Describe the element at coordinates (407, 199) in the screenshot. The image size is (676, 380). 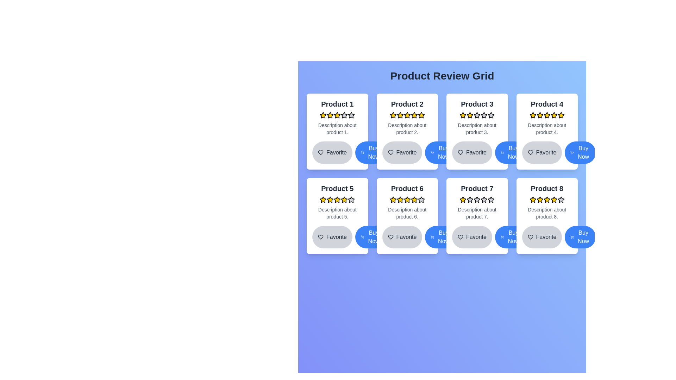
I see `the Rating display component located directly below 'Product 6' and above 'Description about product 6', which visually represents the rating score with filled stars` at that location.